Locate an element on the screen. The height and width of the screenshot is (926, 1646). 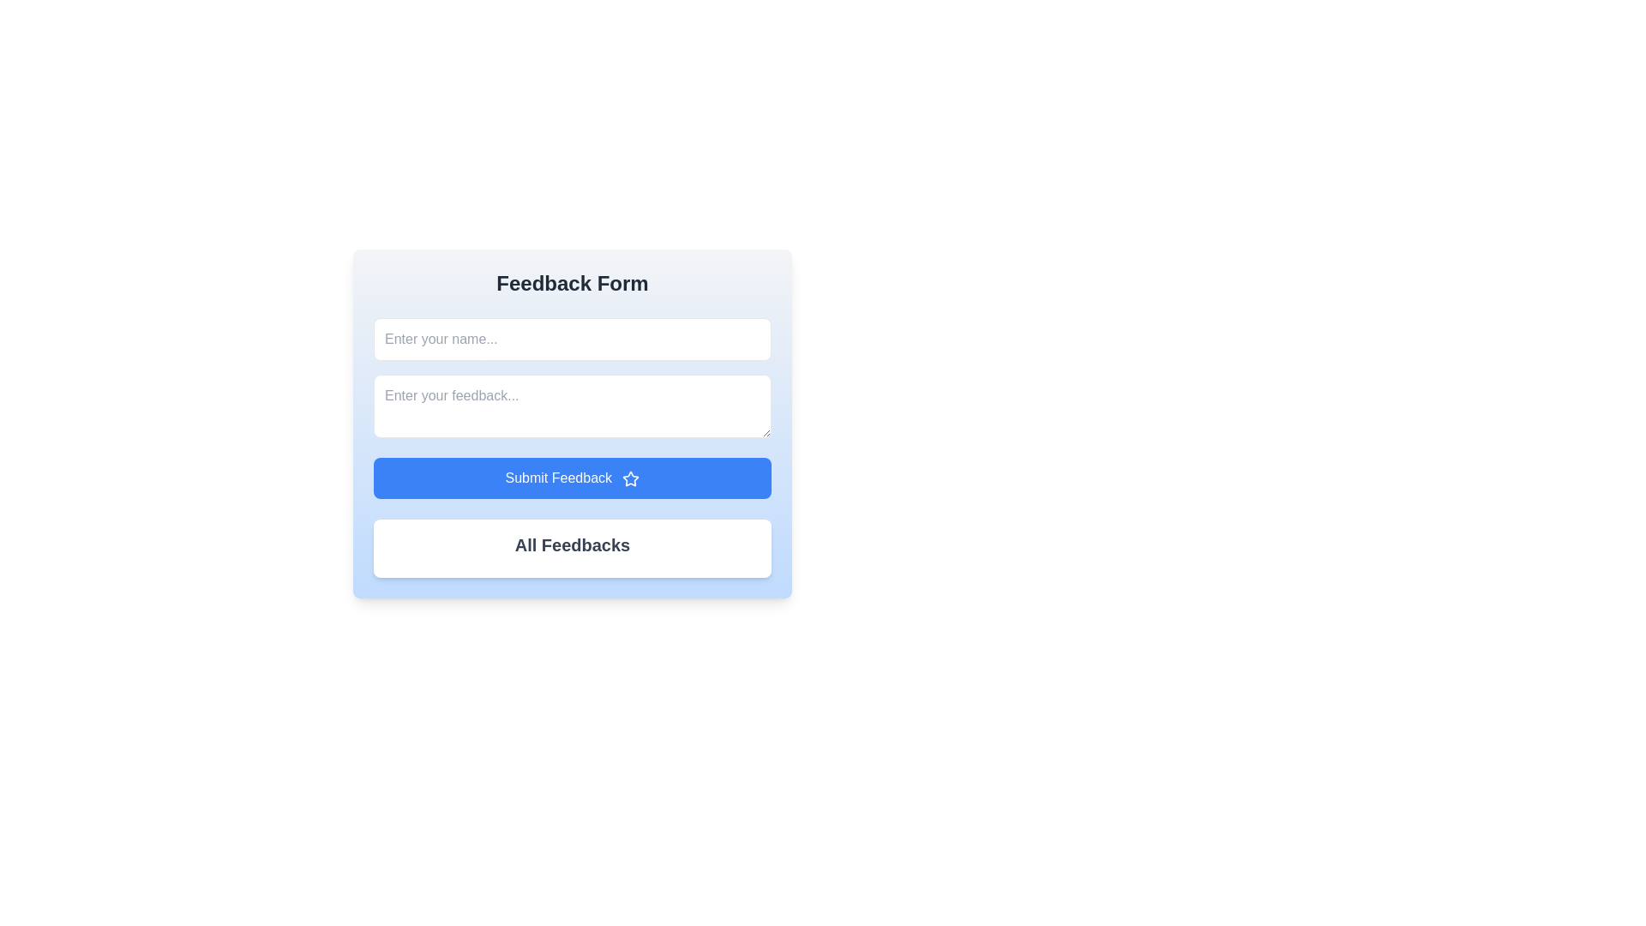
text 'Feedback Form' displayed prominently at the top of the user interface form to understand the form's purpose is located at coordinates (572, 283).